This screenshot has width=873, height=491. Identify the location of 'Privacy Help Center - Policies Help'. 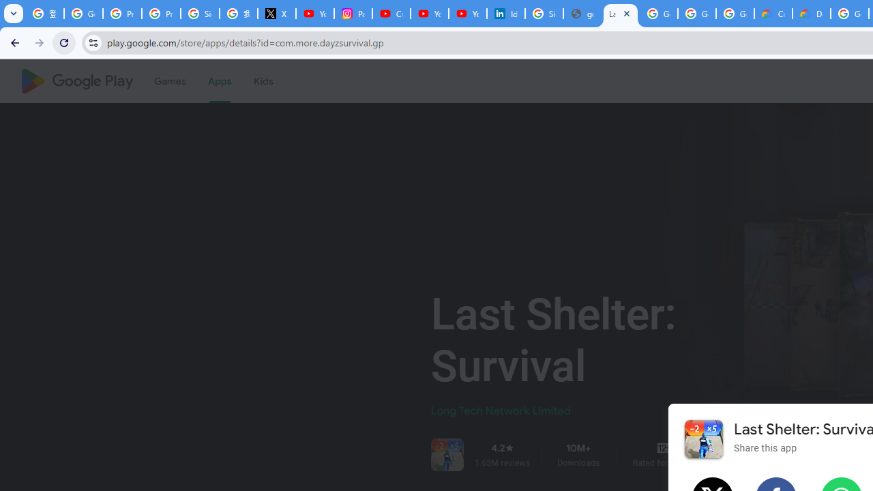
(122, 14).